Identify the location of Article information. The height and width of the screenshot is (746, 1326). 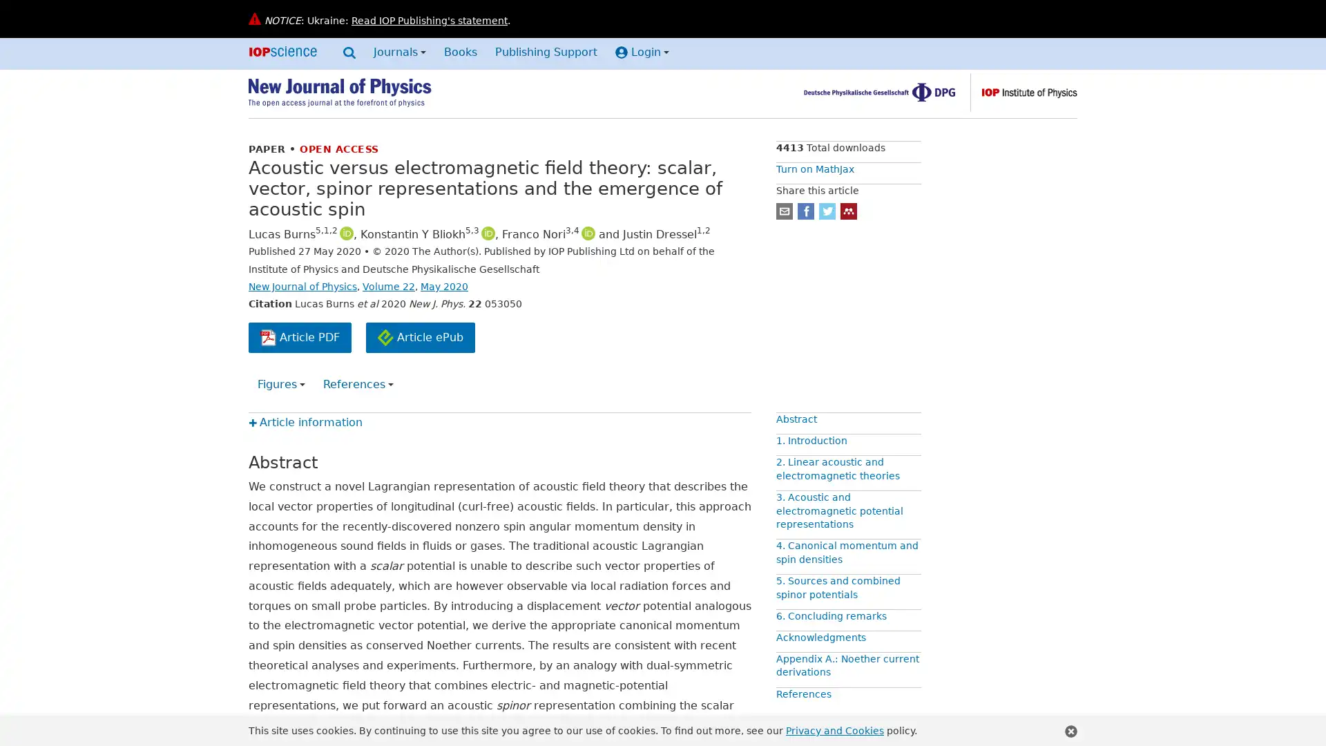
(305, 421).